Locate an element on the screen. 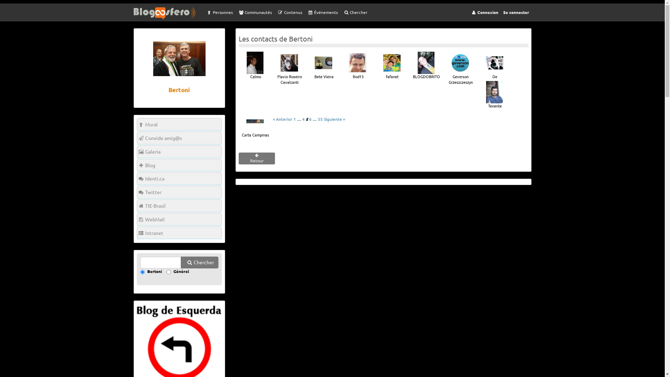 The width and height of the screenshot is (670, 377). 'Identi.ca' is located at coordinates (179, 178).